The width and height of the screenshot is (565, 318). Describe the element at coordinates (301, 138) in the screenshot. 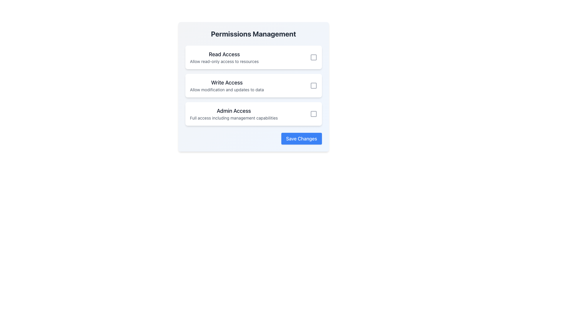

I see `the blue 'Save Changes' button located in the lower-right corner of the permissions management card` at that location.